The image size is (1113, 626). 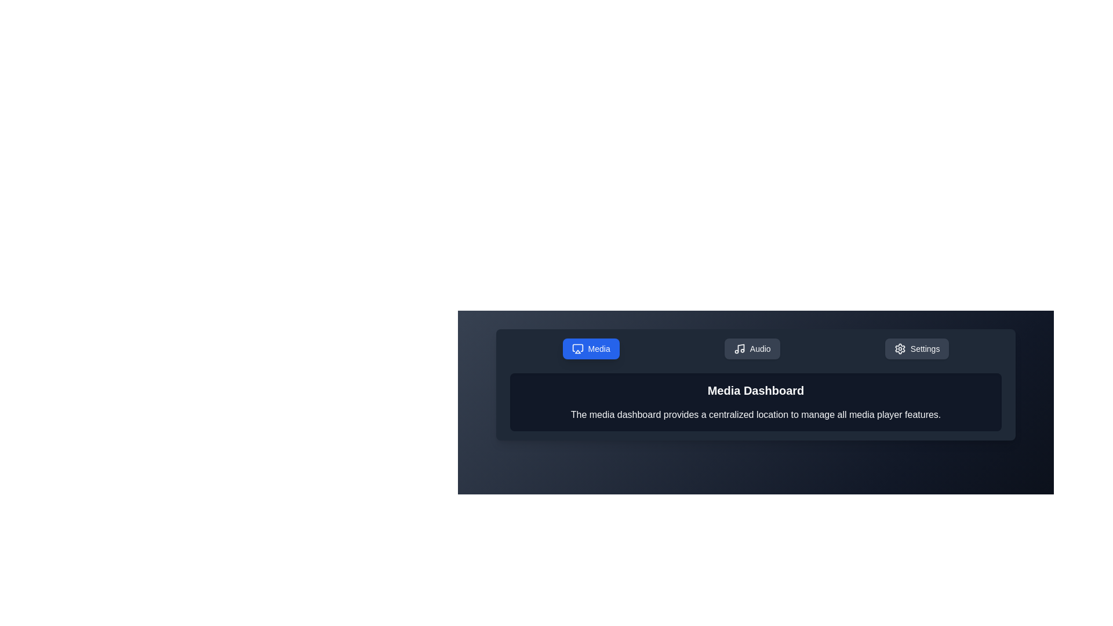 I want to click on the text label within the leftmost button at the top center area of the interface, so click(x=599, y=348).